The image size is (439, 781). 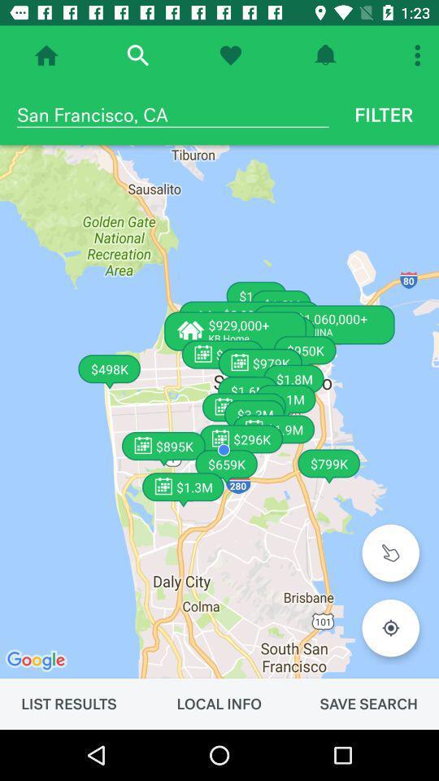 What do you see at coordinates (384, 114) in the screenshot?
I see `icon to the right of san francisco, ca item` at bounding box center [384, 114].